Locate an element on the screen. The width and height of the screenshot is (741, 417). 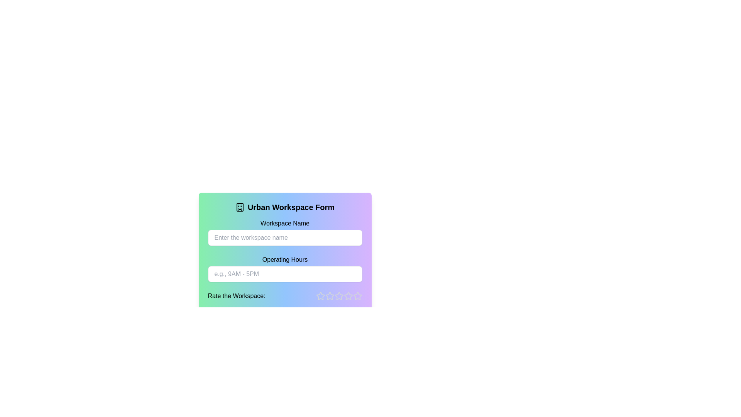
the fifth star in the rating system is located at coordinates (357, 295).